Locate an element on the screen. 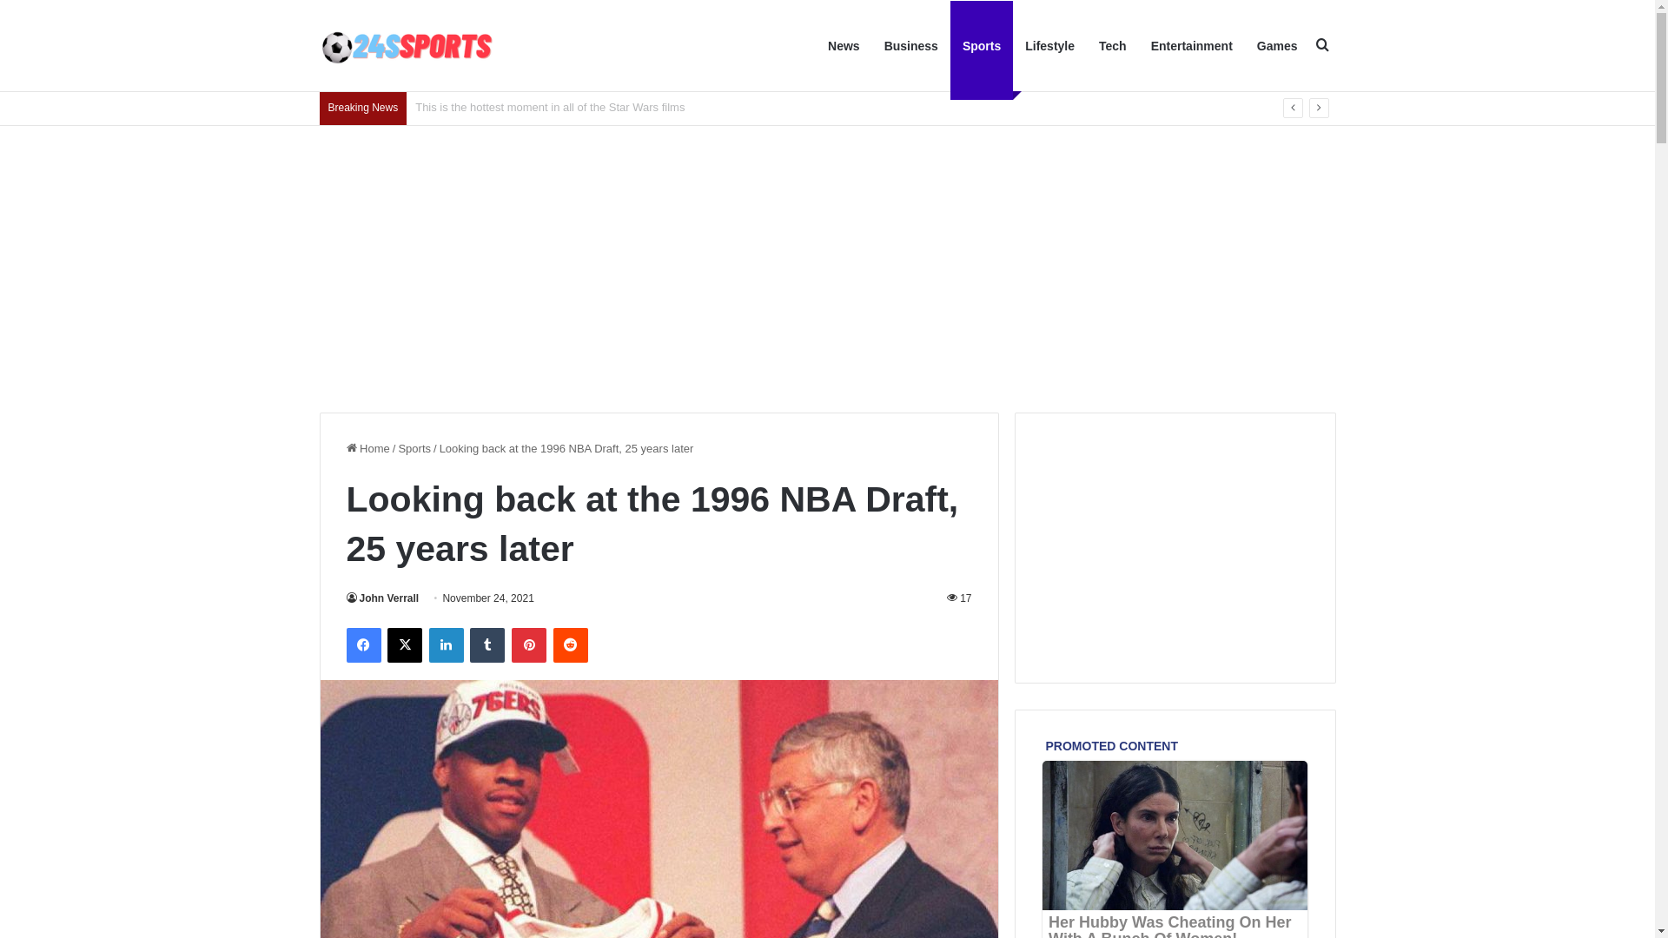 The image size is (1668, 938). 'Lifestyle' is located at coordinates (1049, 45).